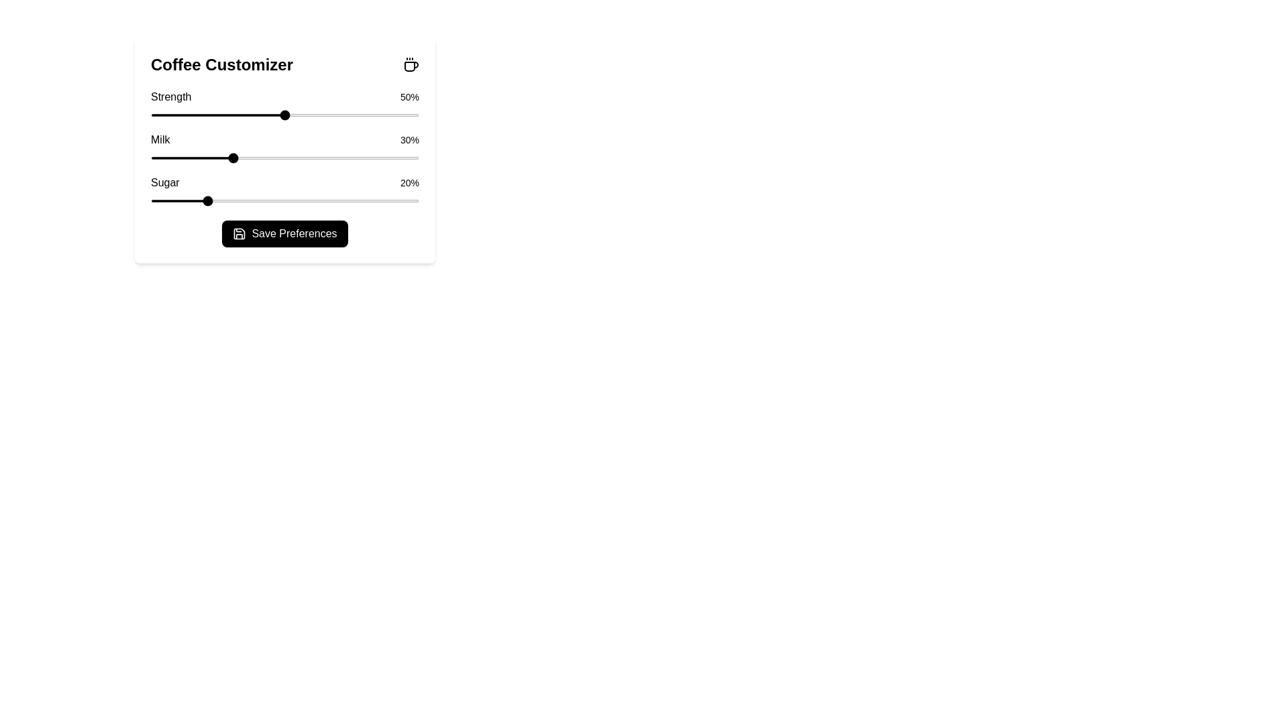  I want to click on the strength slider, so click(354, 115).